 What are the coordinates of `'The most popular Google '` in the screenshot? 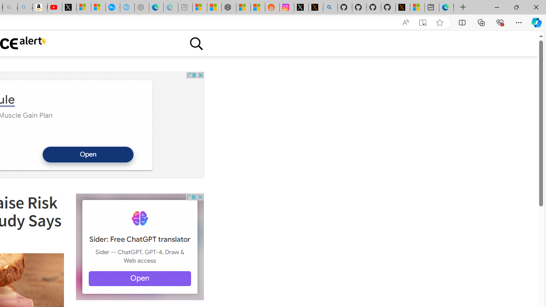 It's located at (127, 7).